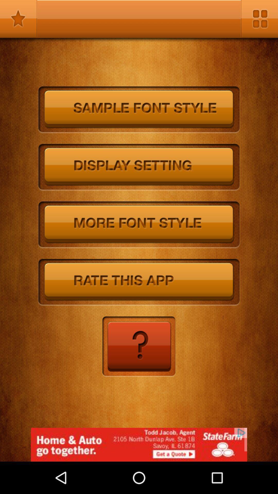  I want to click on sample font size, so click(139, 110).